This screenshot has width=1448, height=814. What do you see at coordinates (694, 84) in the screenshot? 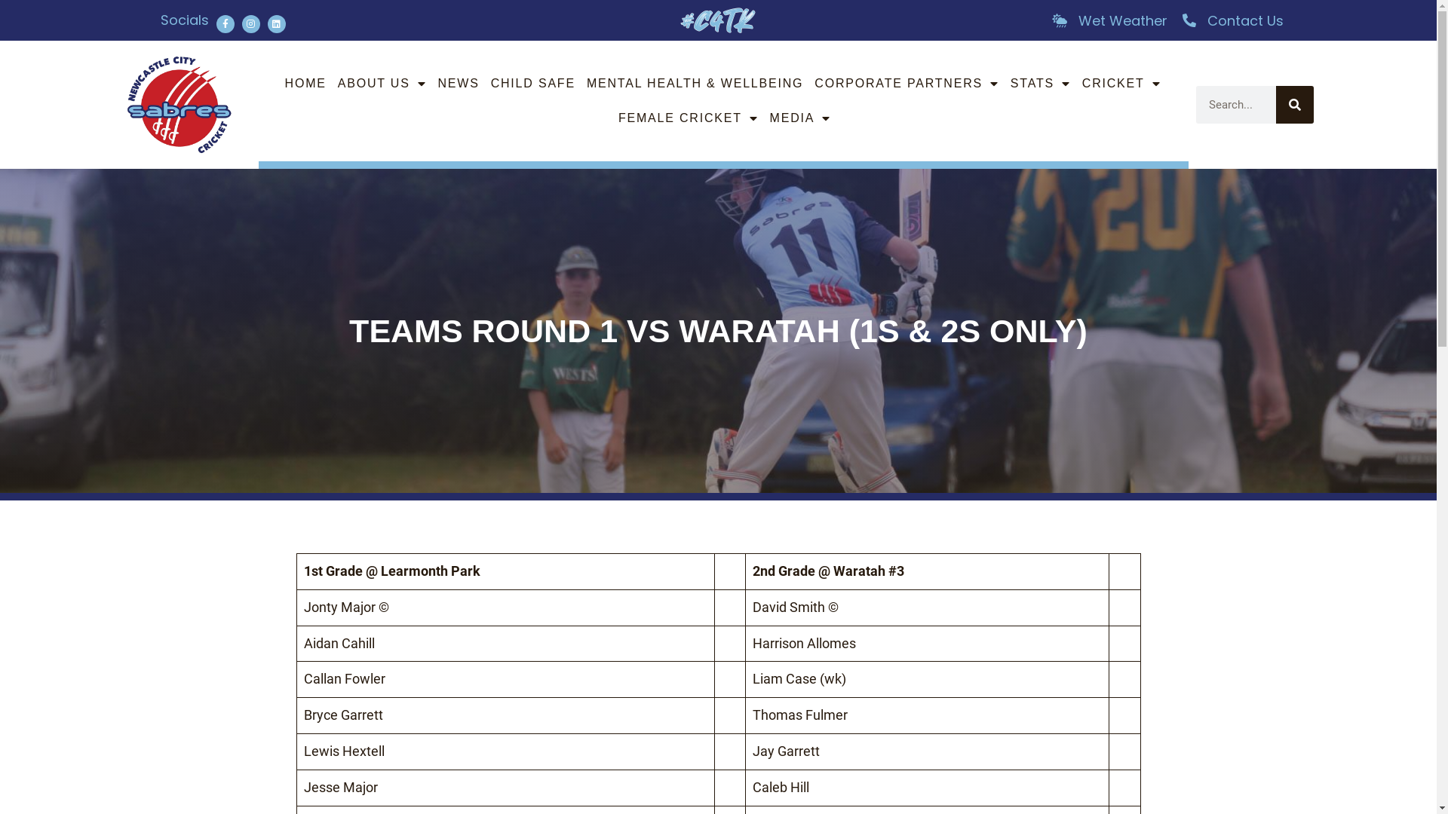
I see `'MENTAL HEALTH & WELLBEING'` at bounding box center [694, 84].